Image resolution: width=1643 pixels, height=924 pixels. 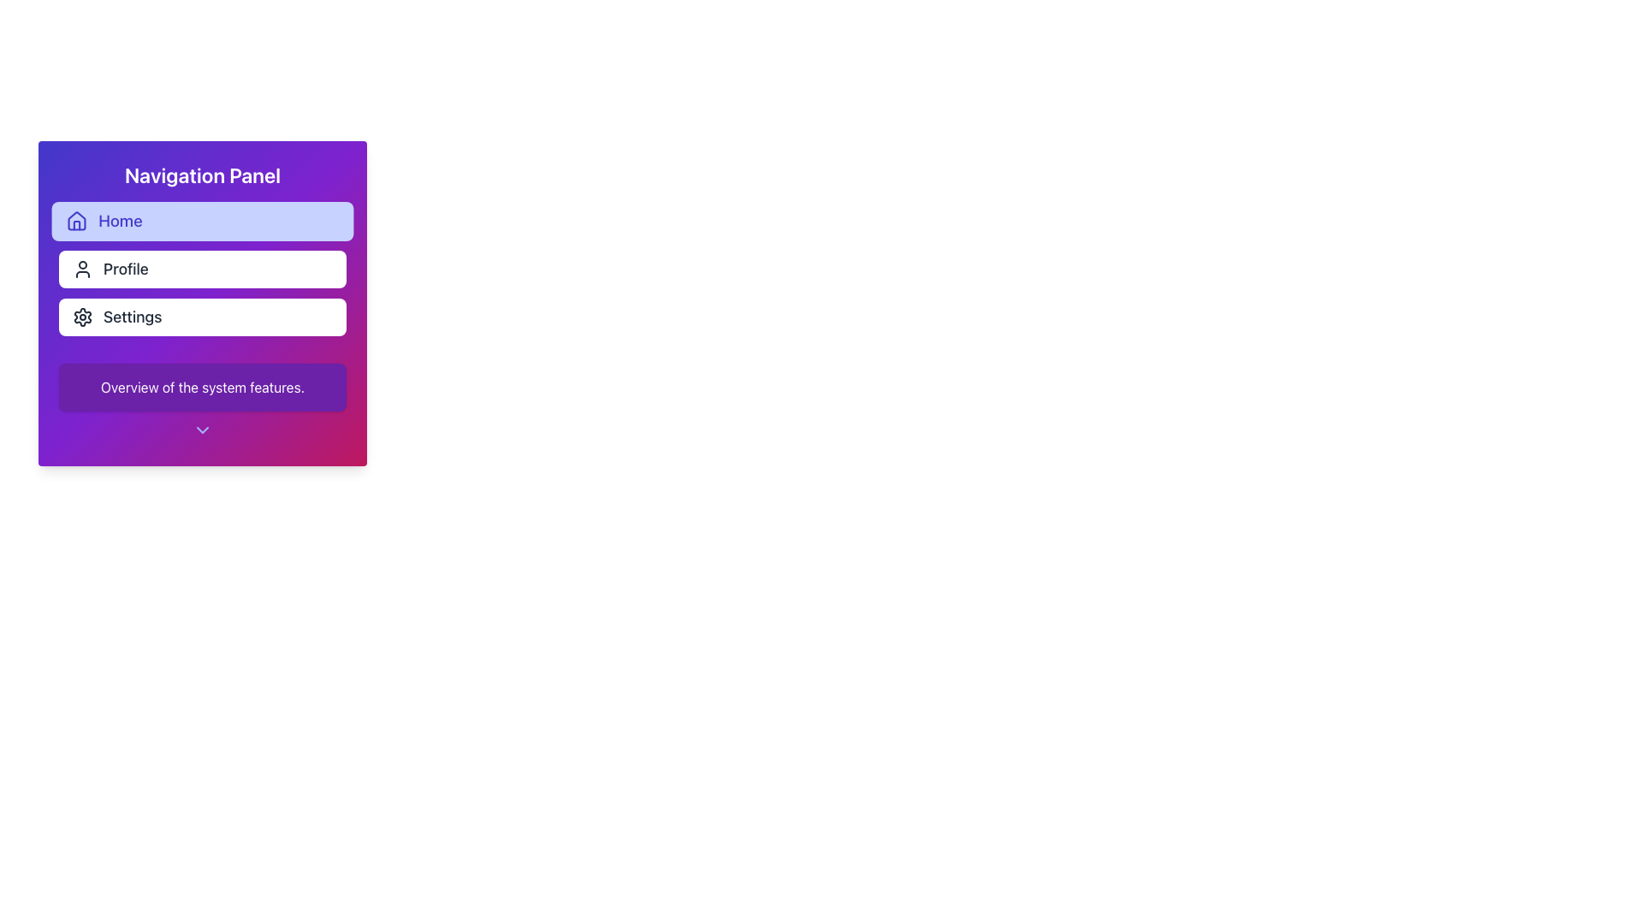 I want to click on the navigation button located at the bottom of the button list, so click(x=202, y=317).